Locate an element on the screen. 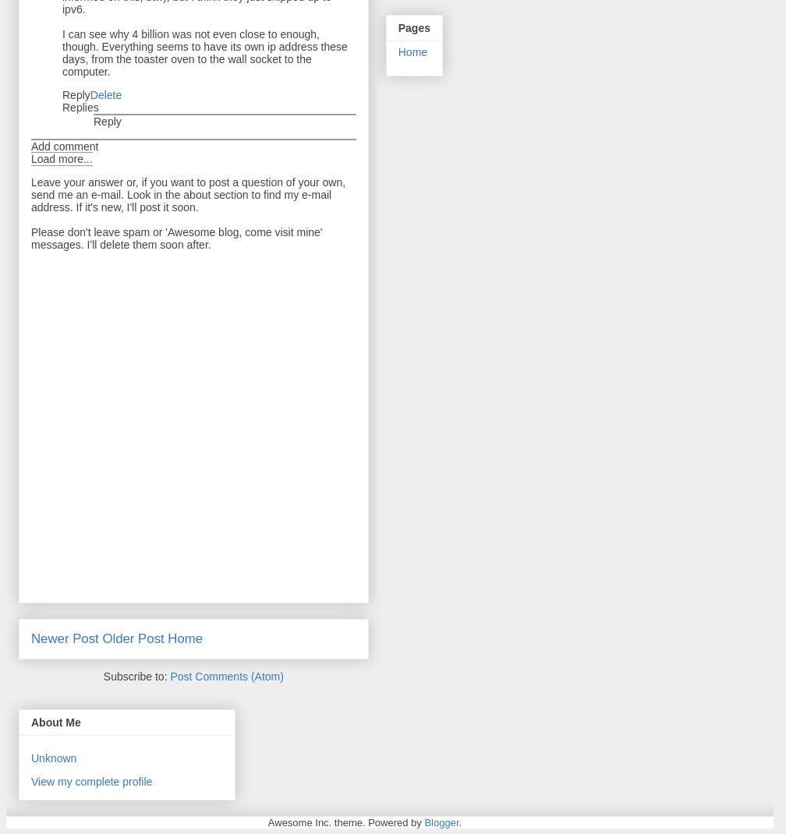 Image resolution: width=786 pixels, height=834 pixels. 'Older Post' is located at coordinates (102, 638).